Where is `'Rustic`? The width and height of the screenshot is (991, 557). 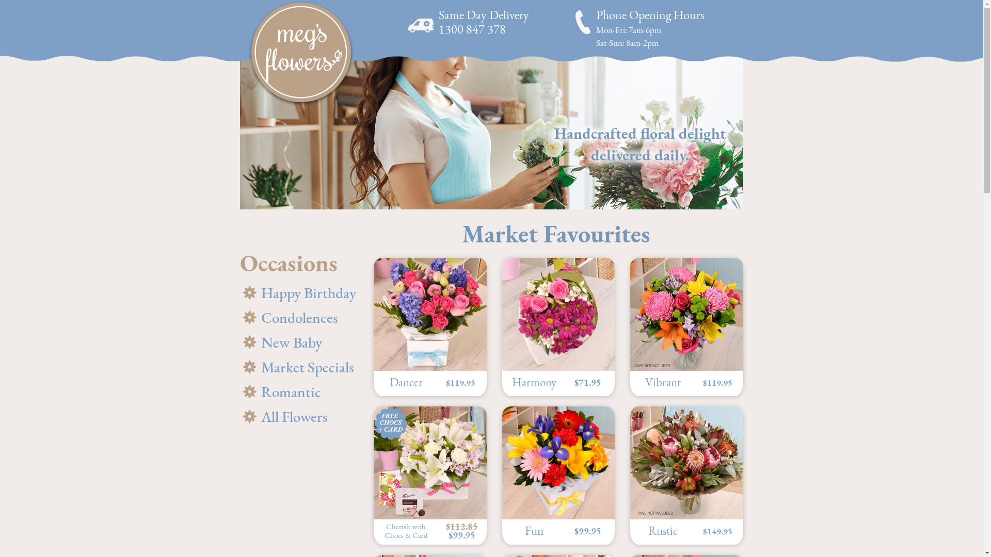 'Rustic is located at coordinates (686, 475).